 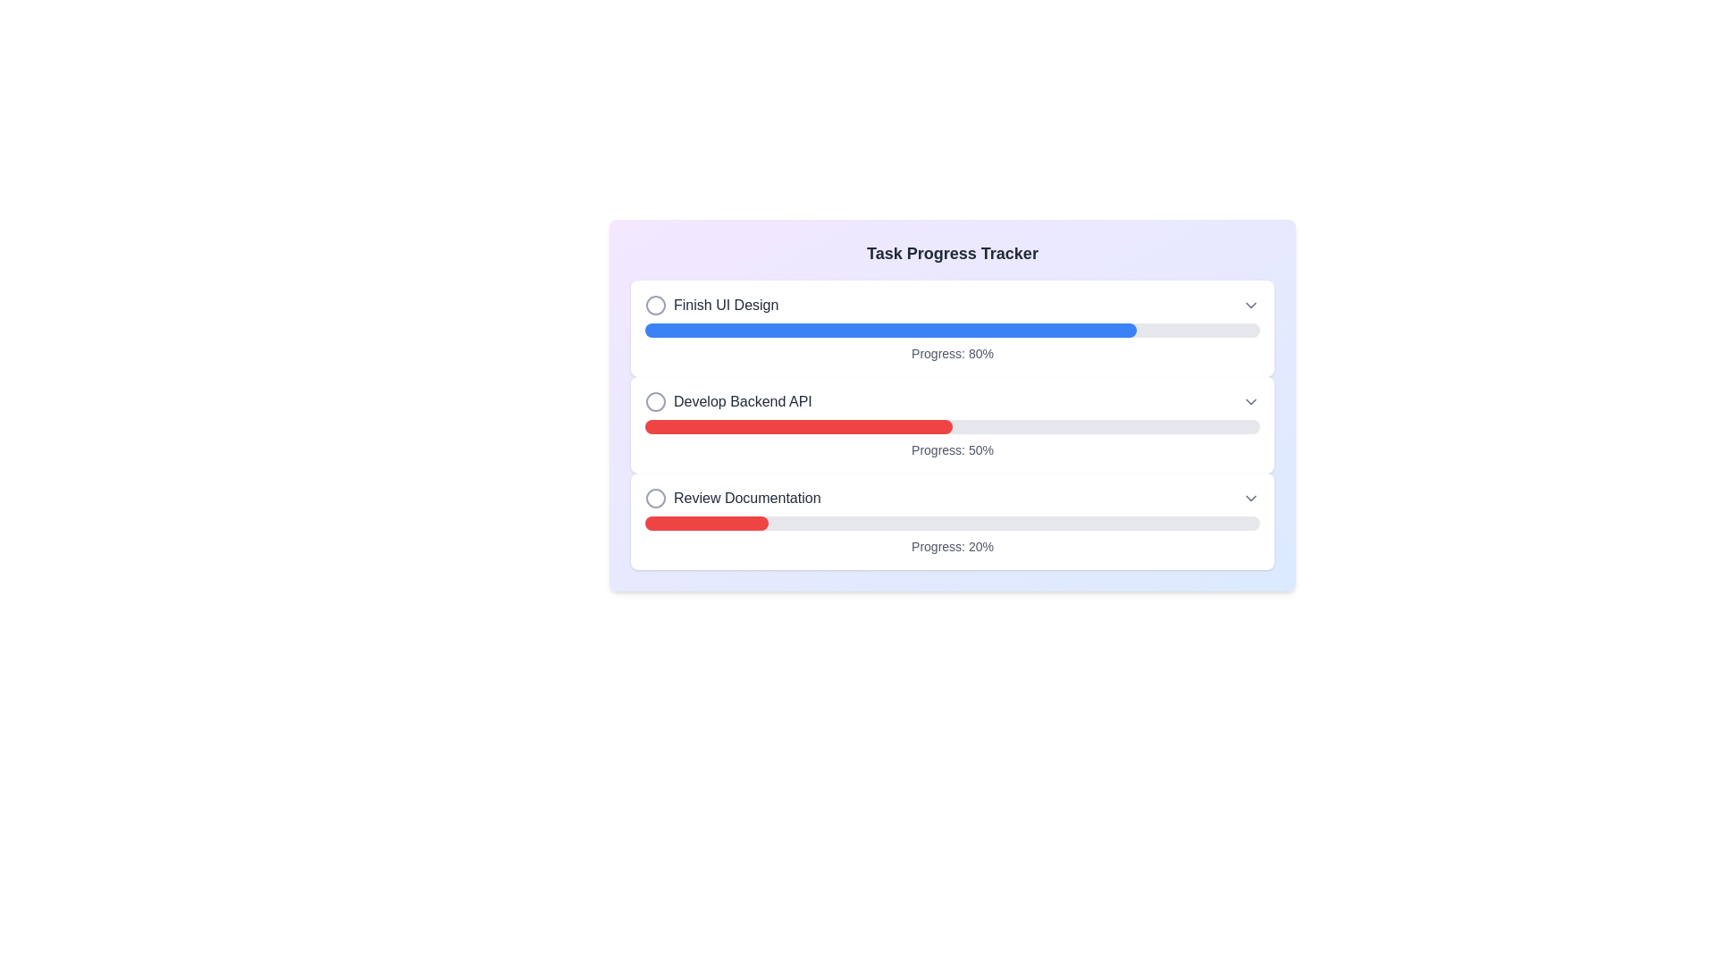 I want to click on the downward-facing chevron icon next to the 'Review Documentation' label in the task progress tracker, so click(x=1250, y=499).